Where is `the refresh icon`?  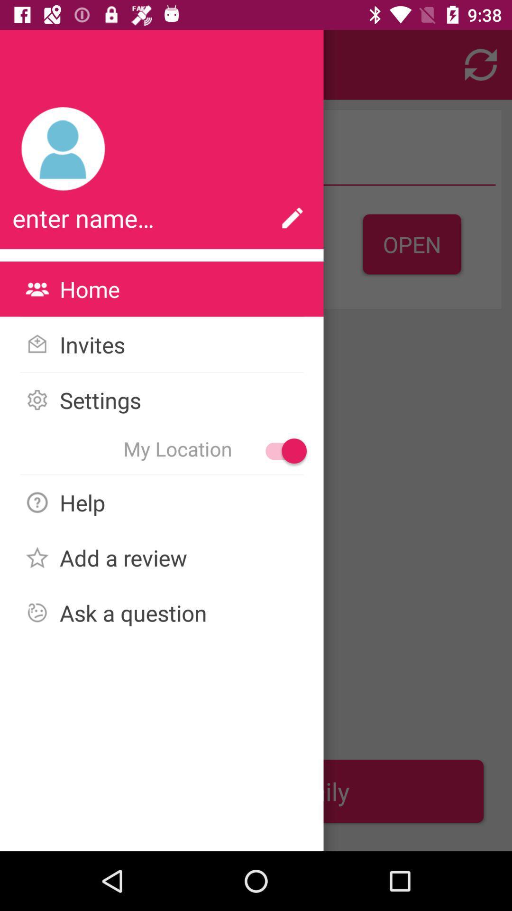
the refresh icon is located at coordinates (481, 64).